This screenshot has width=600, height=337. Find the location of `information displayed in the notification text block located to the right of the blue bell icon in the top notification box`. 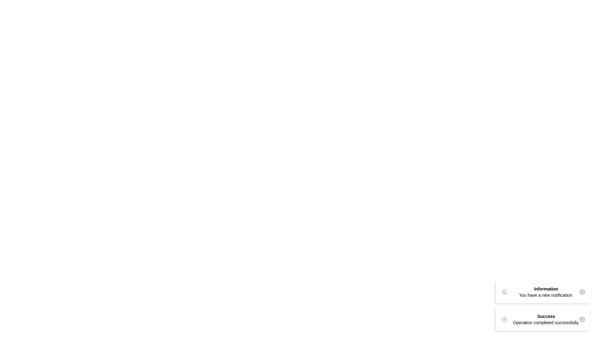

information displayed in the notification text block located to the right of the blue bell icon in the top notification box is located at coordinates (546, 292).